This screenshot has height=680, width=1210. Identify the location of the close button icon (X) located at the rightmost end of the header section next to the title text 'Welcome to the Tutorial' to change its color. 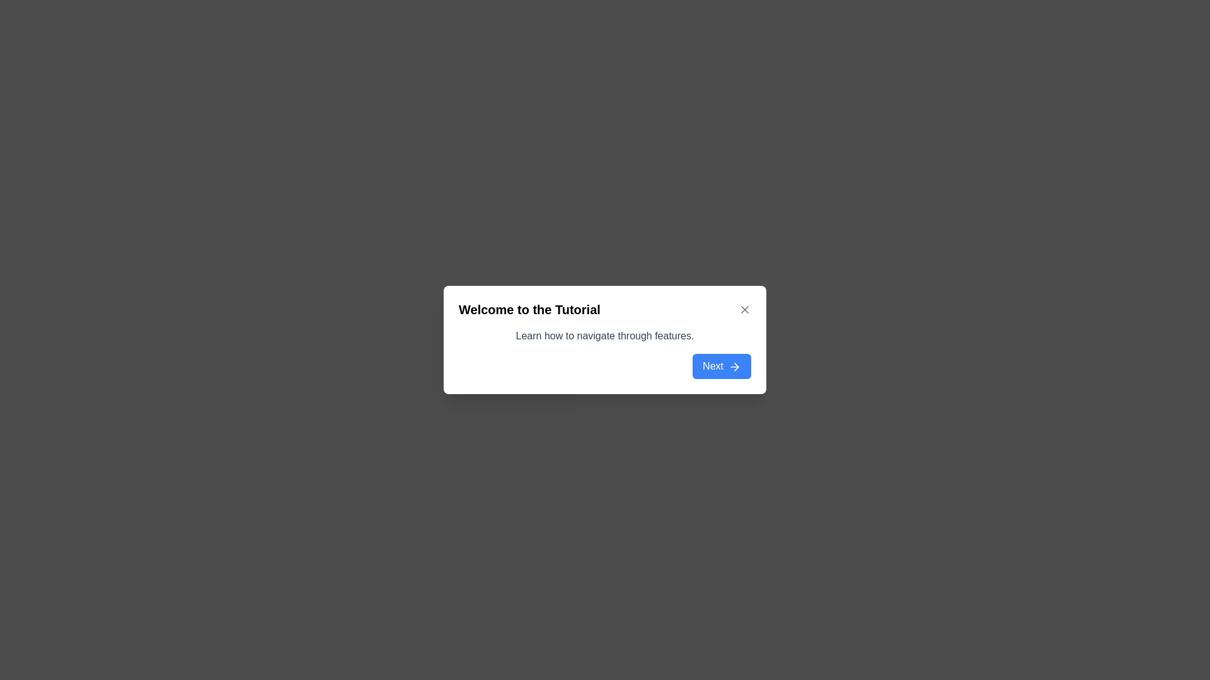
(744, 310).